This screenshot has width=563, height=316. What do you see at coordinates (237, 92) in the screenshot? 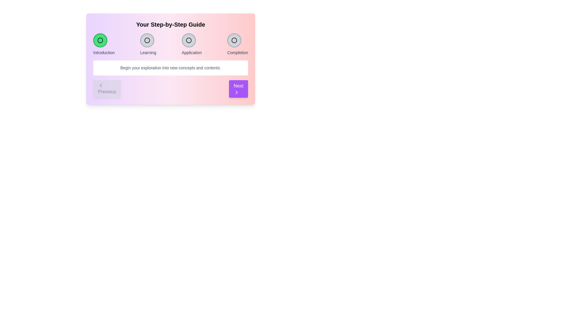
I see `the arrow icon embedded within the 'Next' button located at the bottom right corner of the form section` at bounding box center [237, 92].